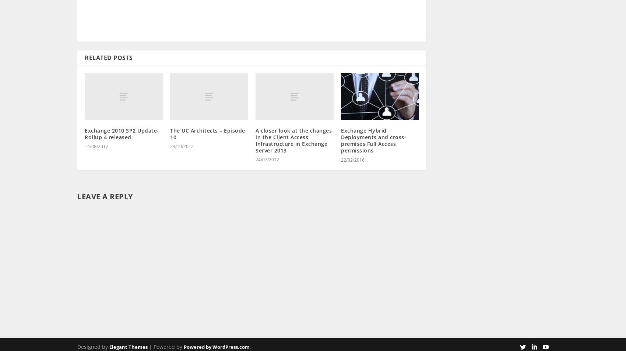 This screenshot has width=626, height=351. Describe the element at coordinates (108, 43) in the screenshot. I see `'Related Posts'` at that location.